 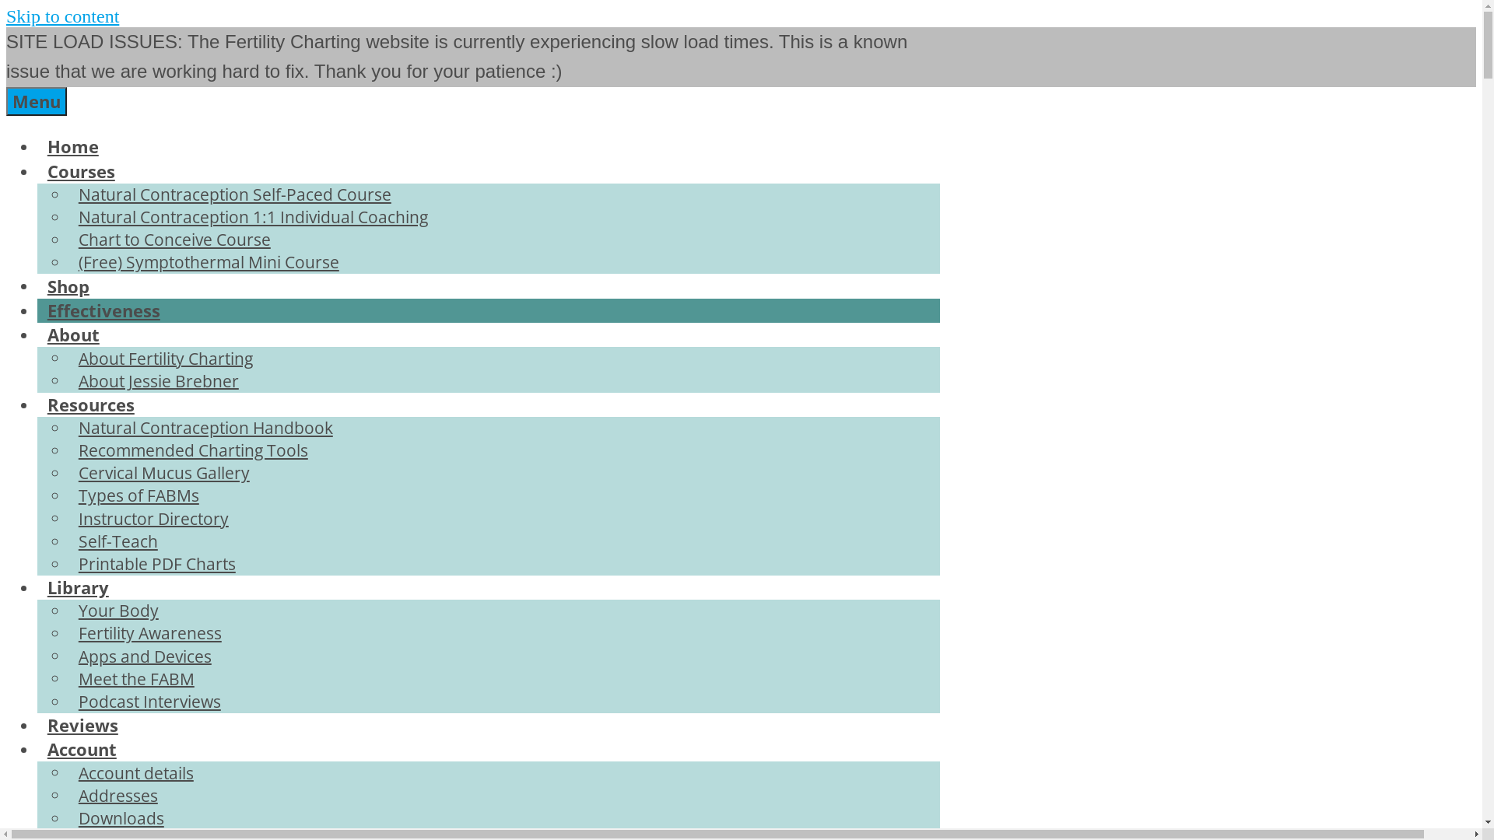 What do you see at coordinates (205, 428) in the screenshot?
I see `'Natural Contraception Handbook'` at bounding box center [205, 428].